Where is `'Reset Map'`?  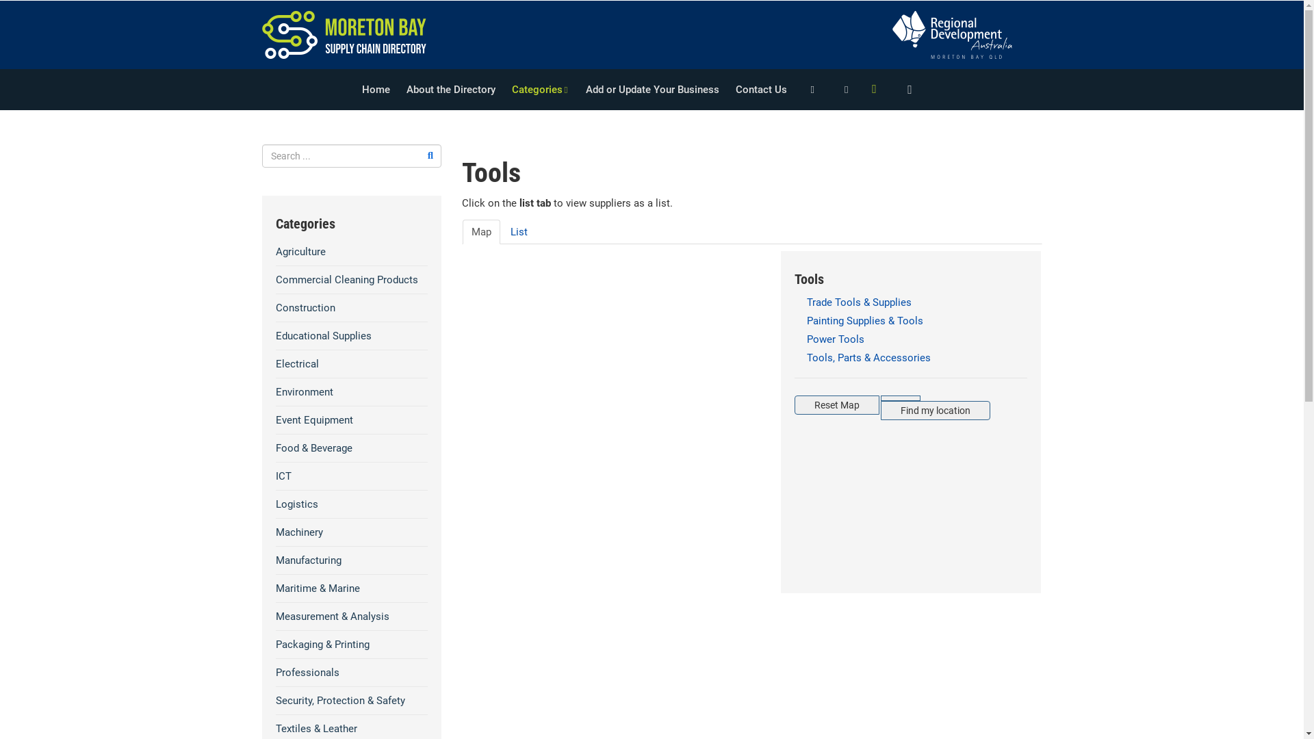
'Reset Map' is located at coordinates (836, 404).